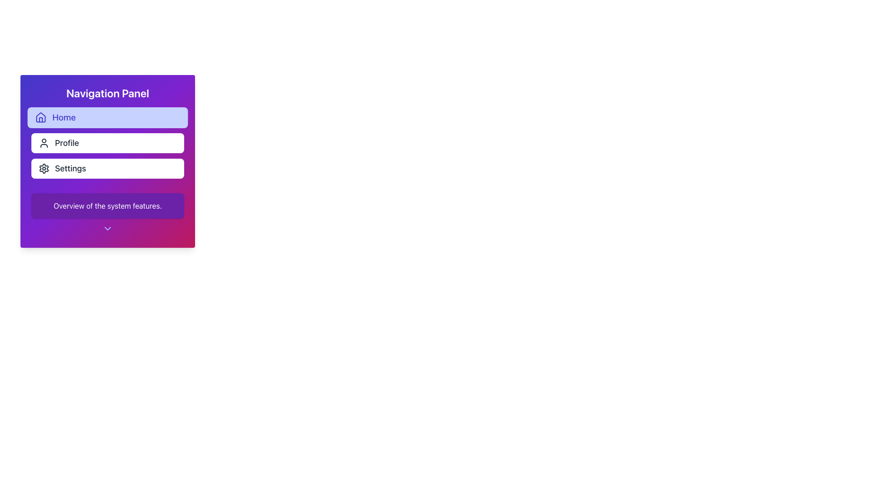  I want to click on the Descriptive Text Box that has a purple background and white text displaying 'Overview of the system features.', located at the bottom of the 'Navigation Panel' below the 'Settings' text button, so click(107, 205).